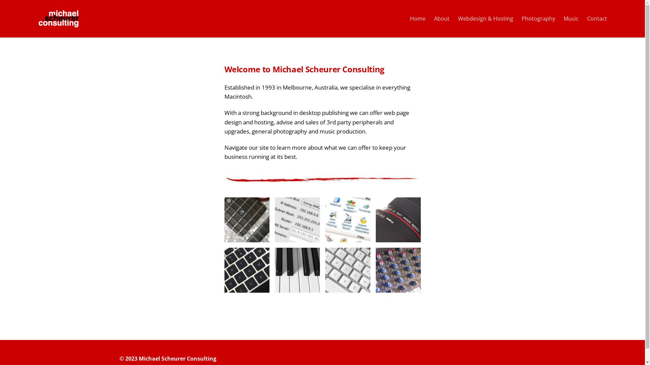 Image resolution: width=650 pixels, height=365 pixels. What do you see at coordinates (442, 18) in the screenshot?
I see `'About'` at bounding box center [442, 18].